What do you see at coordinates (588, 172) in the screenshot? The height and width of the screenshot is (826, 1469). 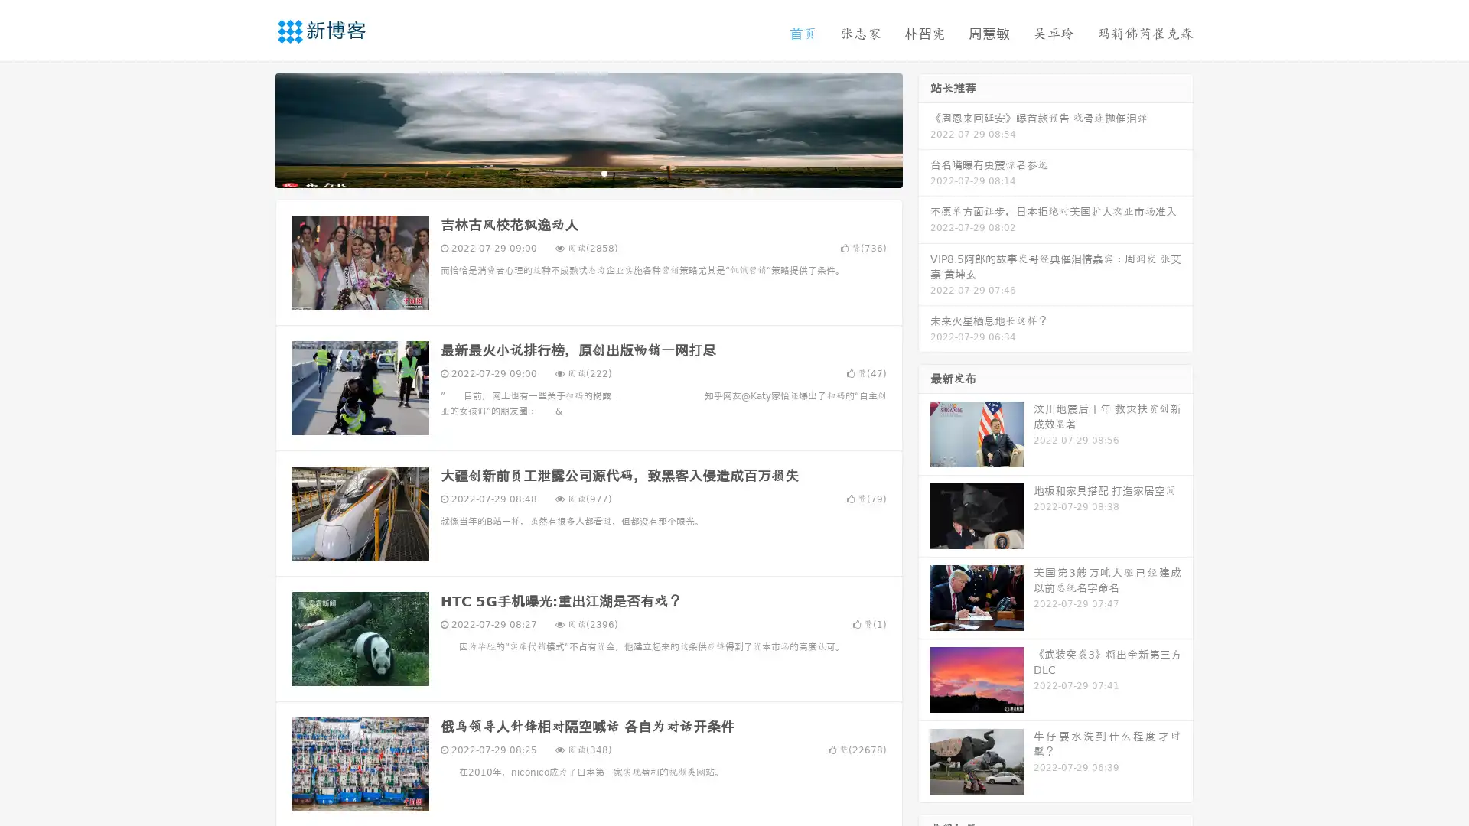 I see `Go to slide 2` at bounding box center [588, 172].